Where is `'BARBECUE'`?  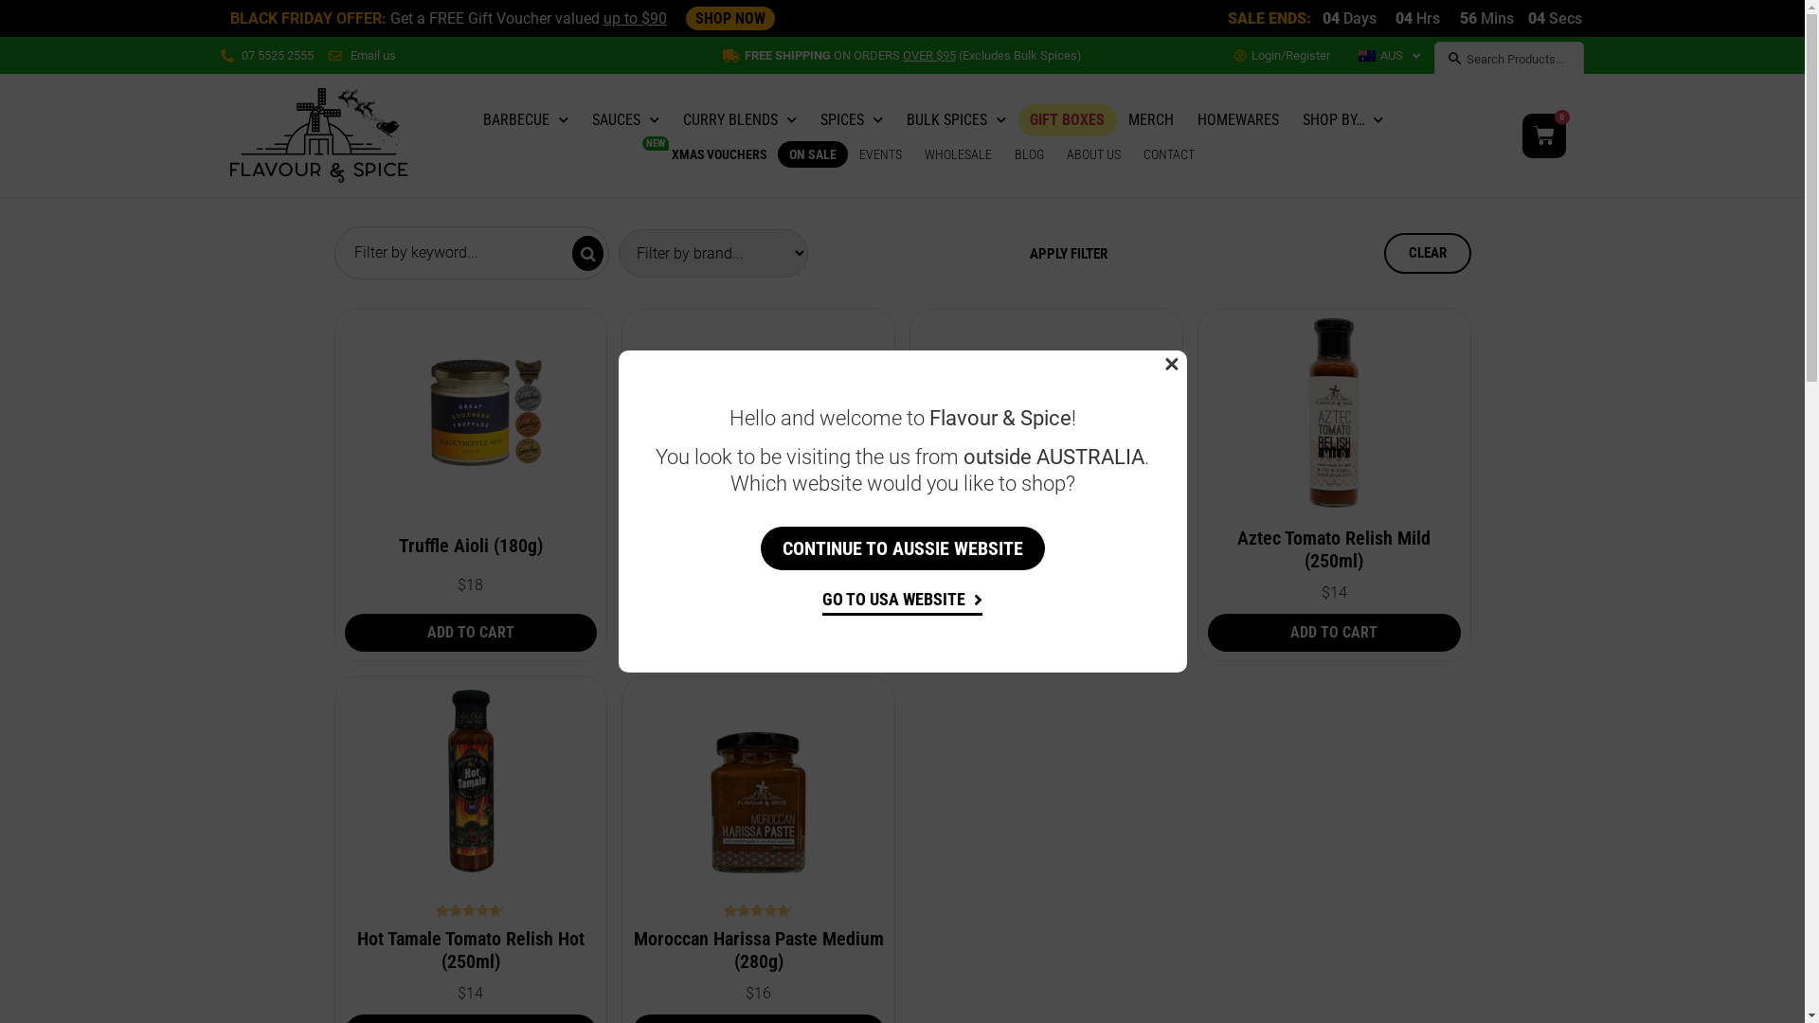 'BARBECUE' is located at coordinates (526, 120).